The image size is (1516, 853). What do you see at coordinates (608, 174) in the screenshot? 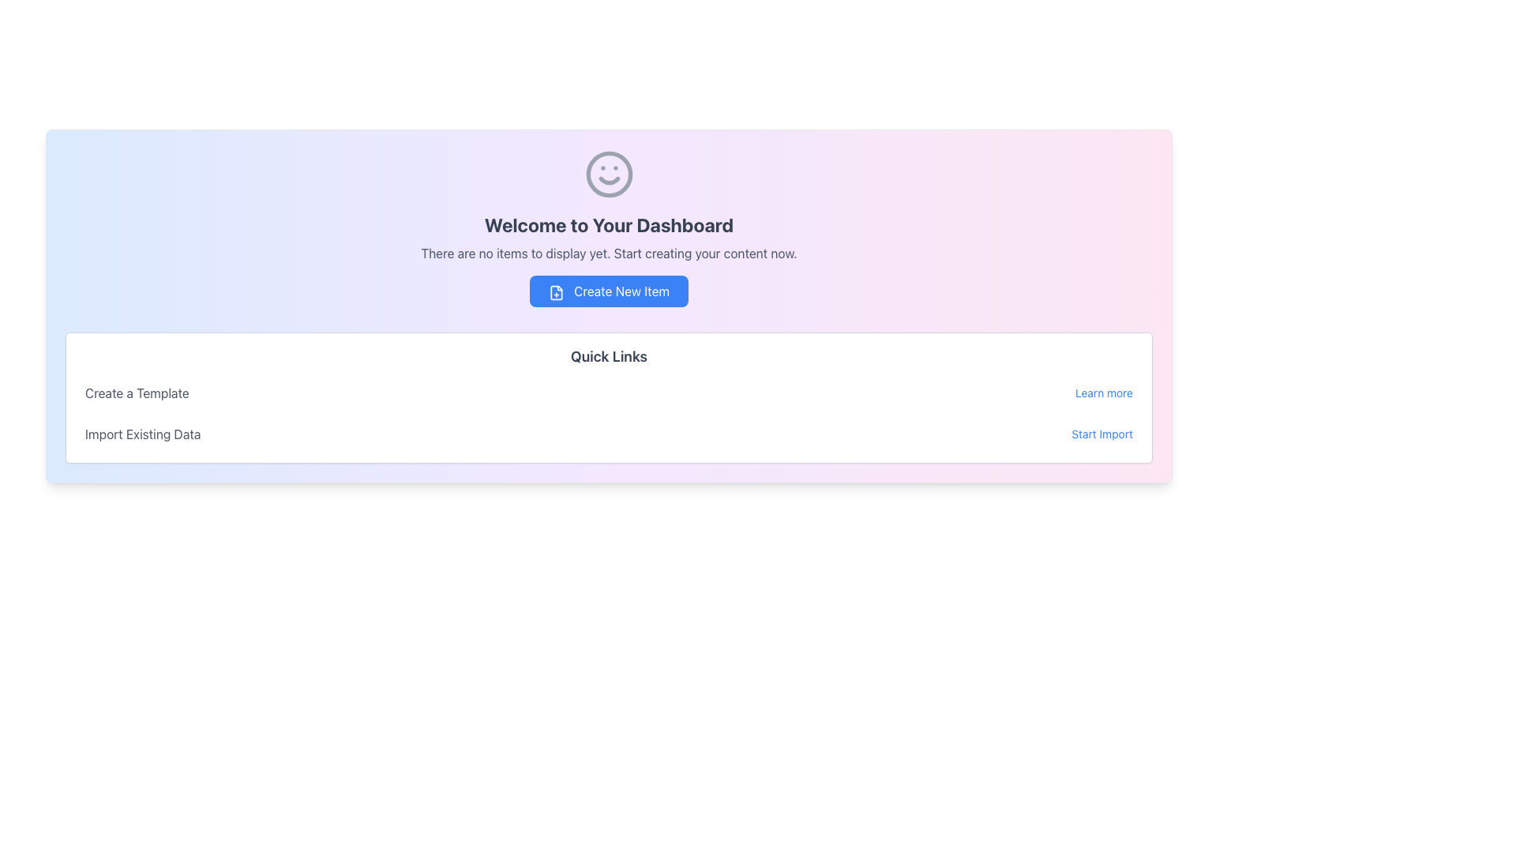
I see `the smiley face icon located at the top of the dashboard section, above the main header text 'Welcome to Your Dashboard'` at bounding box center [608, 174].